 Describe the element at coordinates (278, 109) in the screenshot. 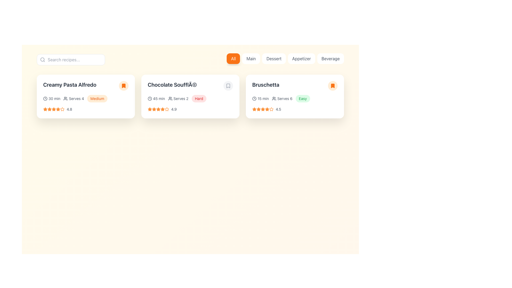

I see `the text display showing the rating score '4.5', which is styled in a small gray font and located to the right of the star-based rating indicator on the 'Bruschetta' card` at that location.